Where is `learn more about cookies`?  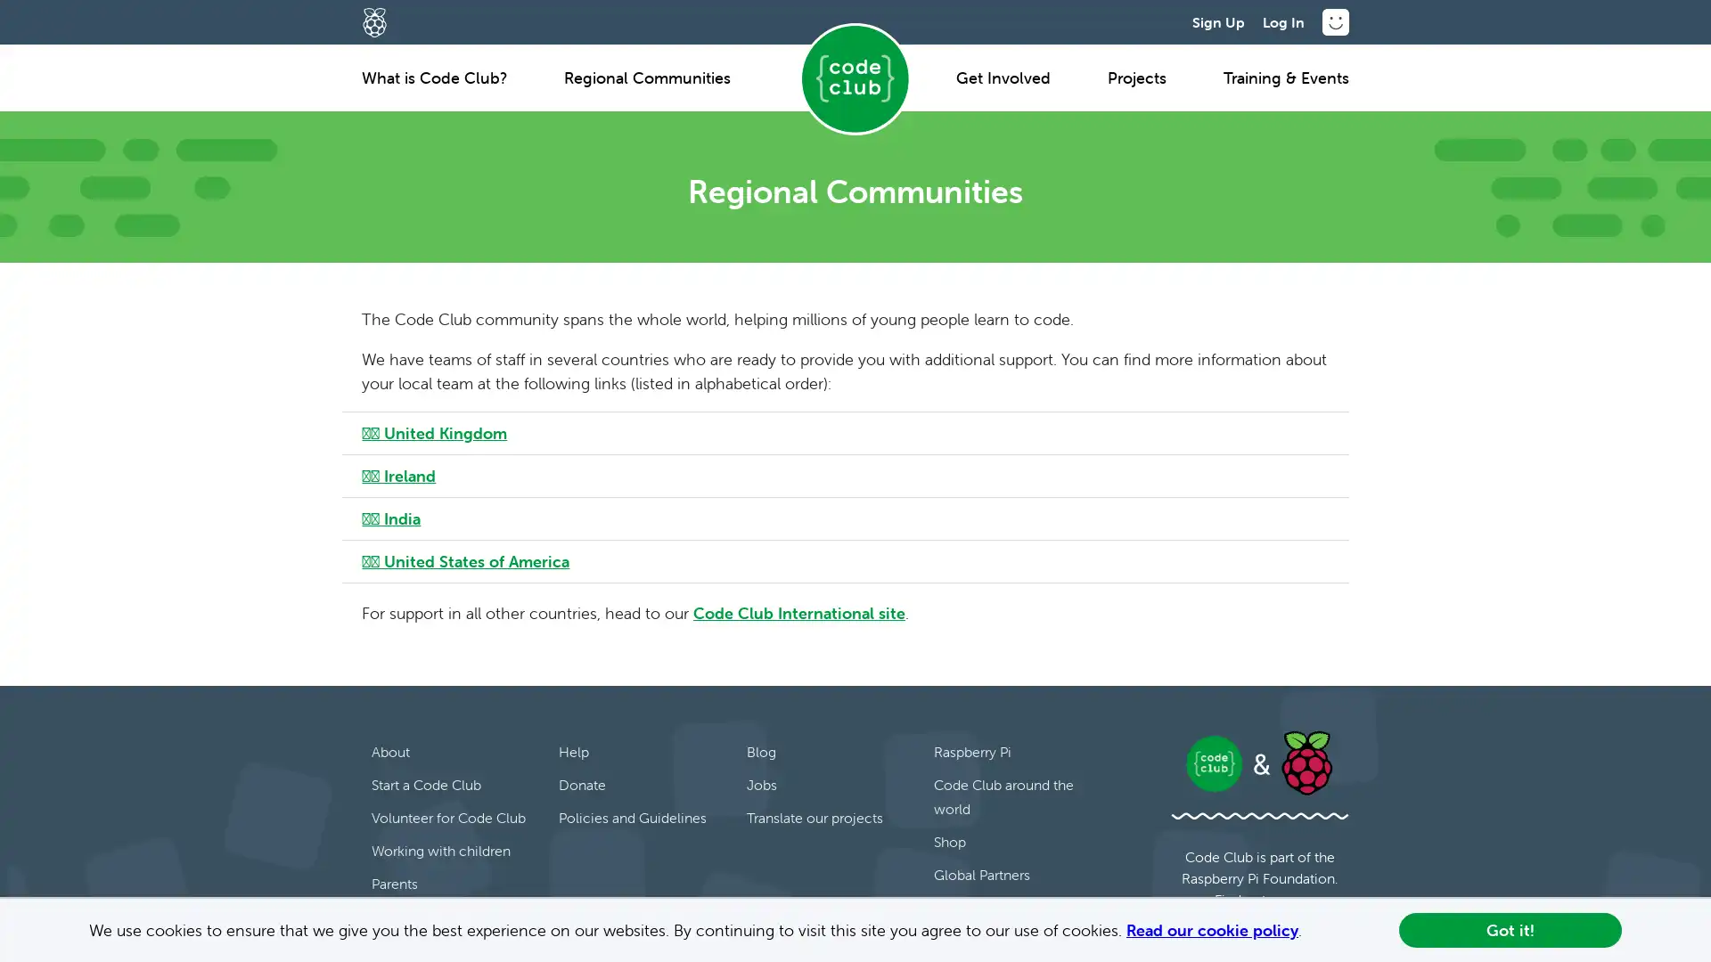 learn more about cookies is located at coordinates (1309, 931).